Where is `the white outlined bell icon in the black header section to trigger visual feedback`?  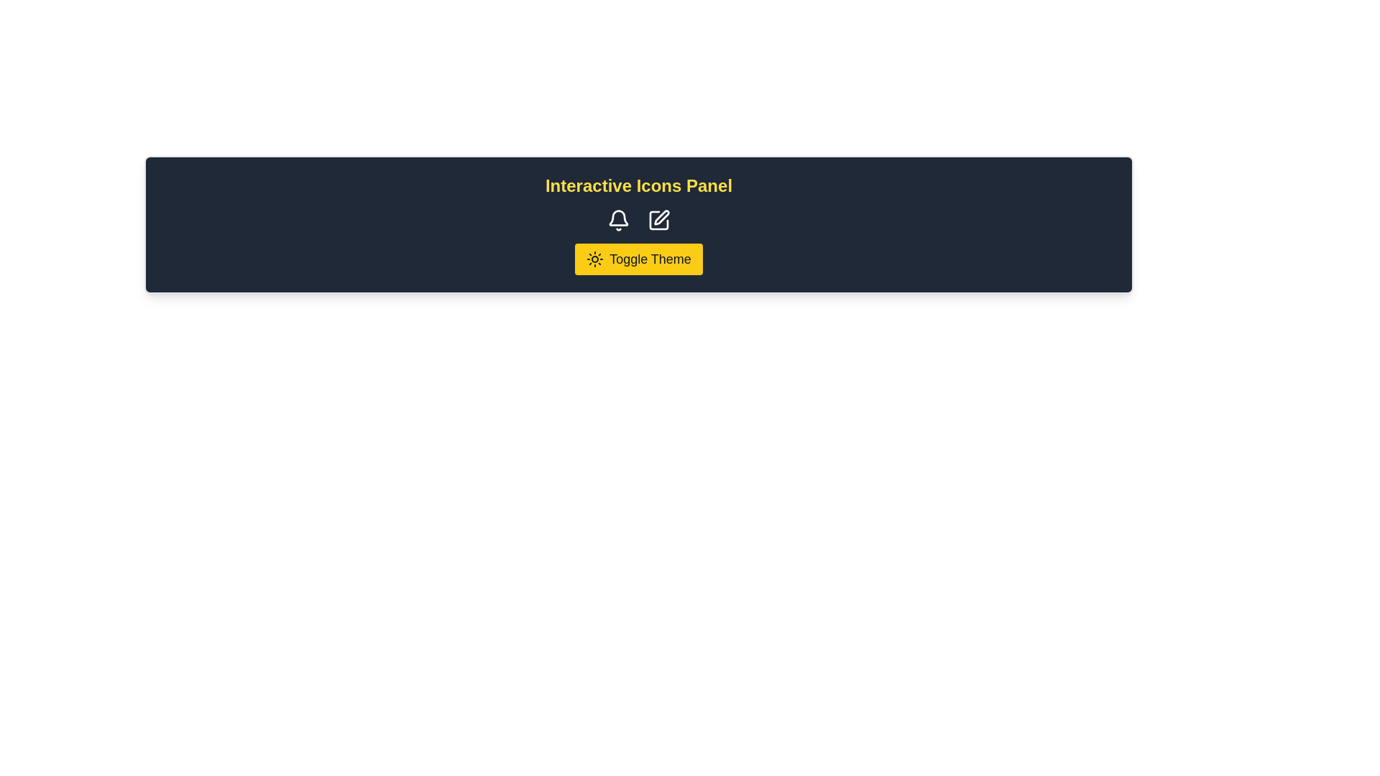 the white outlined bell icon in the black header section to trigger visual feedback is located at coordinates (618, 221).